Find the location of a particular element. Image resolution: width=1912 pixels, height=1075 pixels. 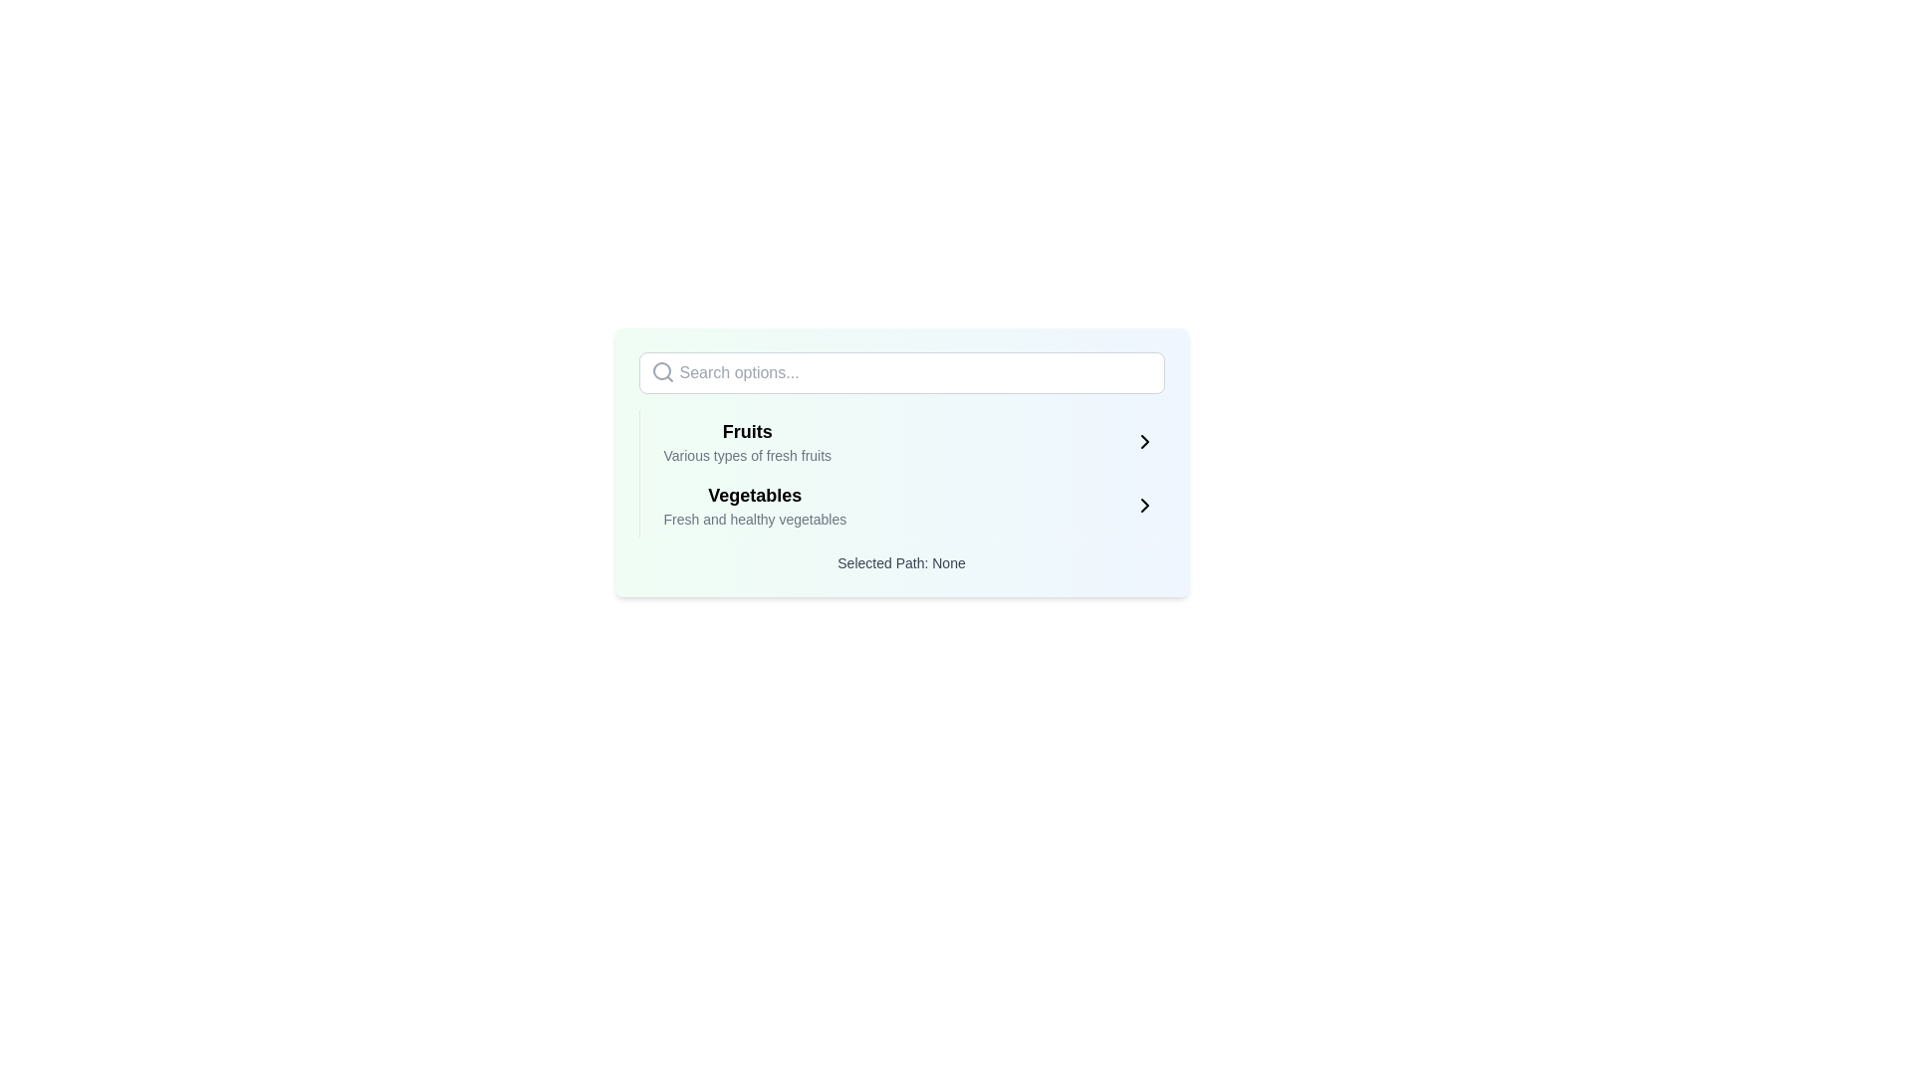

the Navigation Section element which contains options for 'Fruits' and 'Vegetables' is located at coordinates (900, 473).